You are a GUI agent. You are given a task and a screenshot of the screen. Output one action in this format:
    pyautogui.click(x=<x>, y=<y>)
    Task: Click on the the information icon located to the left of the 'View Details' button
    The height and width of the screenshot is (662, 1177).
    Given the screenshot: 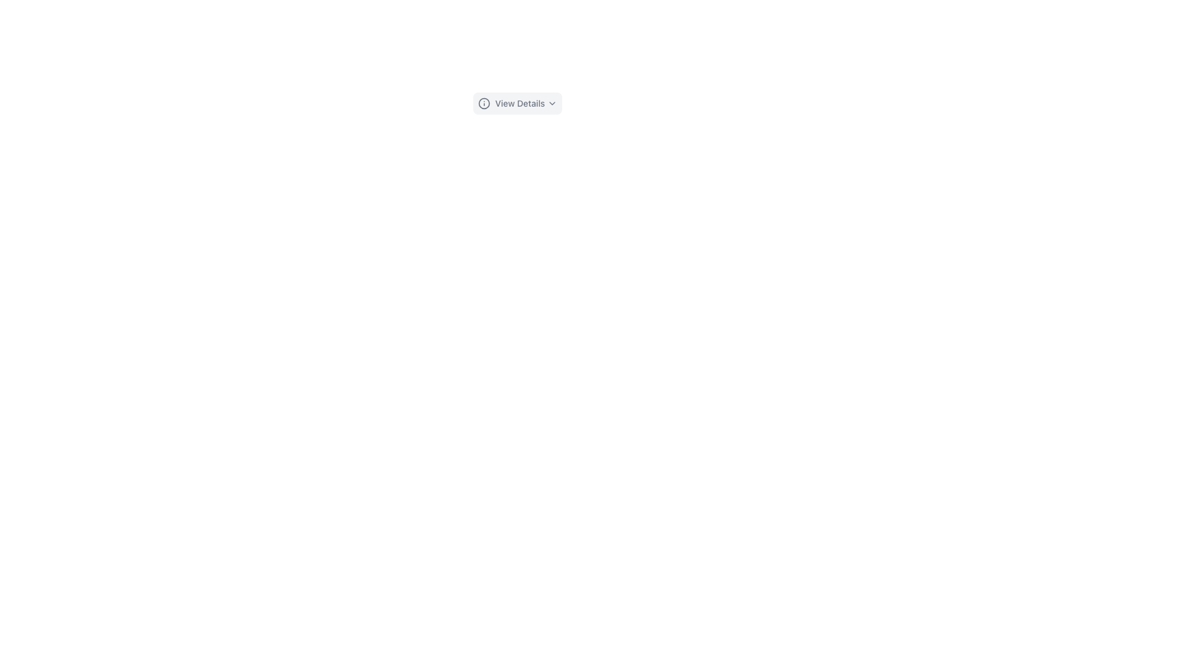 What is the action you would take?
    pyautogui.click(x=483, y=103)
    